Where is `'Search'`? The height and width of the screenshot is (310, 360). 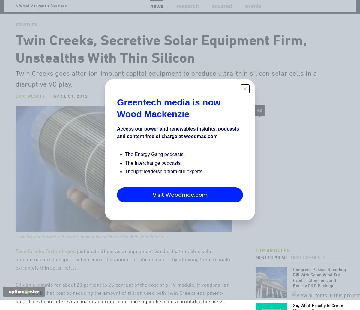
'Search' is located at coordinates (328, 19).